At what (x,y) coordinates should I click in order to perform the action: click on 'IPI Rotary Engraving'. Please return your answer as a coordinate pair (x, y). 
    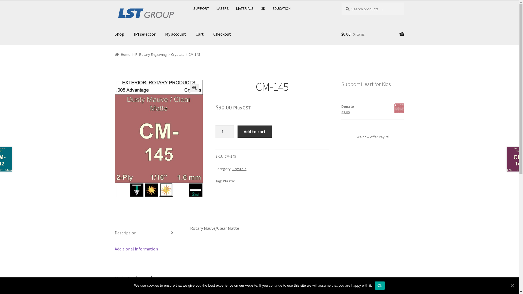
    Looking at the image, I should click on (151, 54).